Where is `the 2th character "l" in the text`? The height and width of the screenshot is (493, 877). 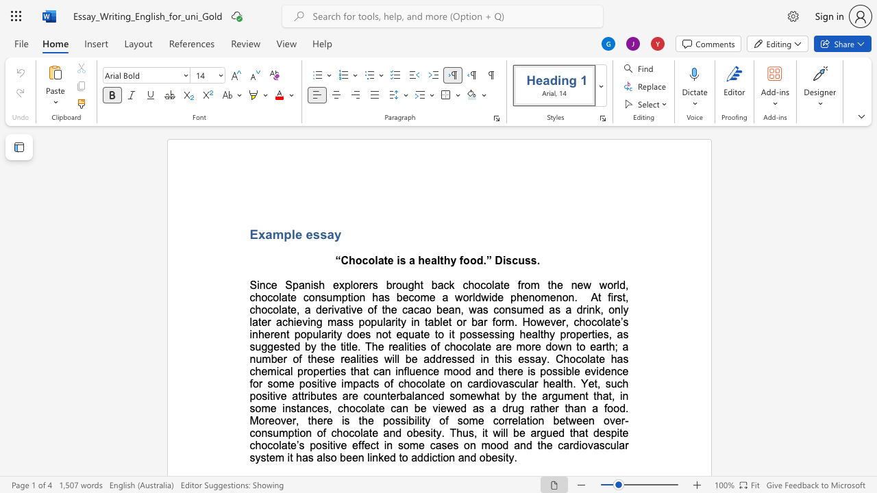
the 2th character "l" in the text is located at coordinates (438, 260).